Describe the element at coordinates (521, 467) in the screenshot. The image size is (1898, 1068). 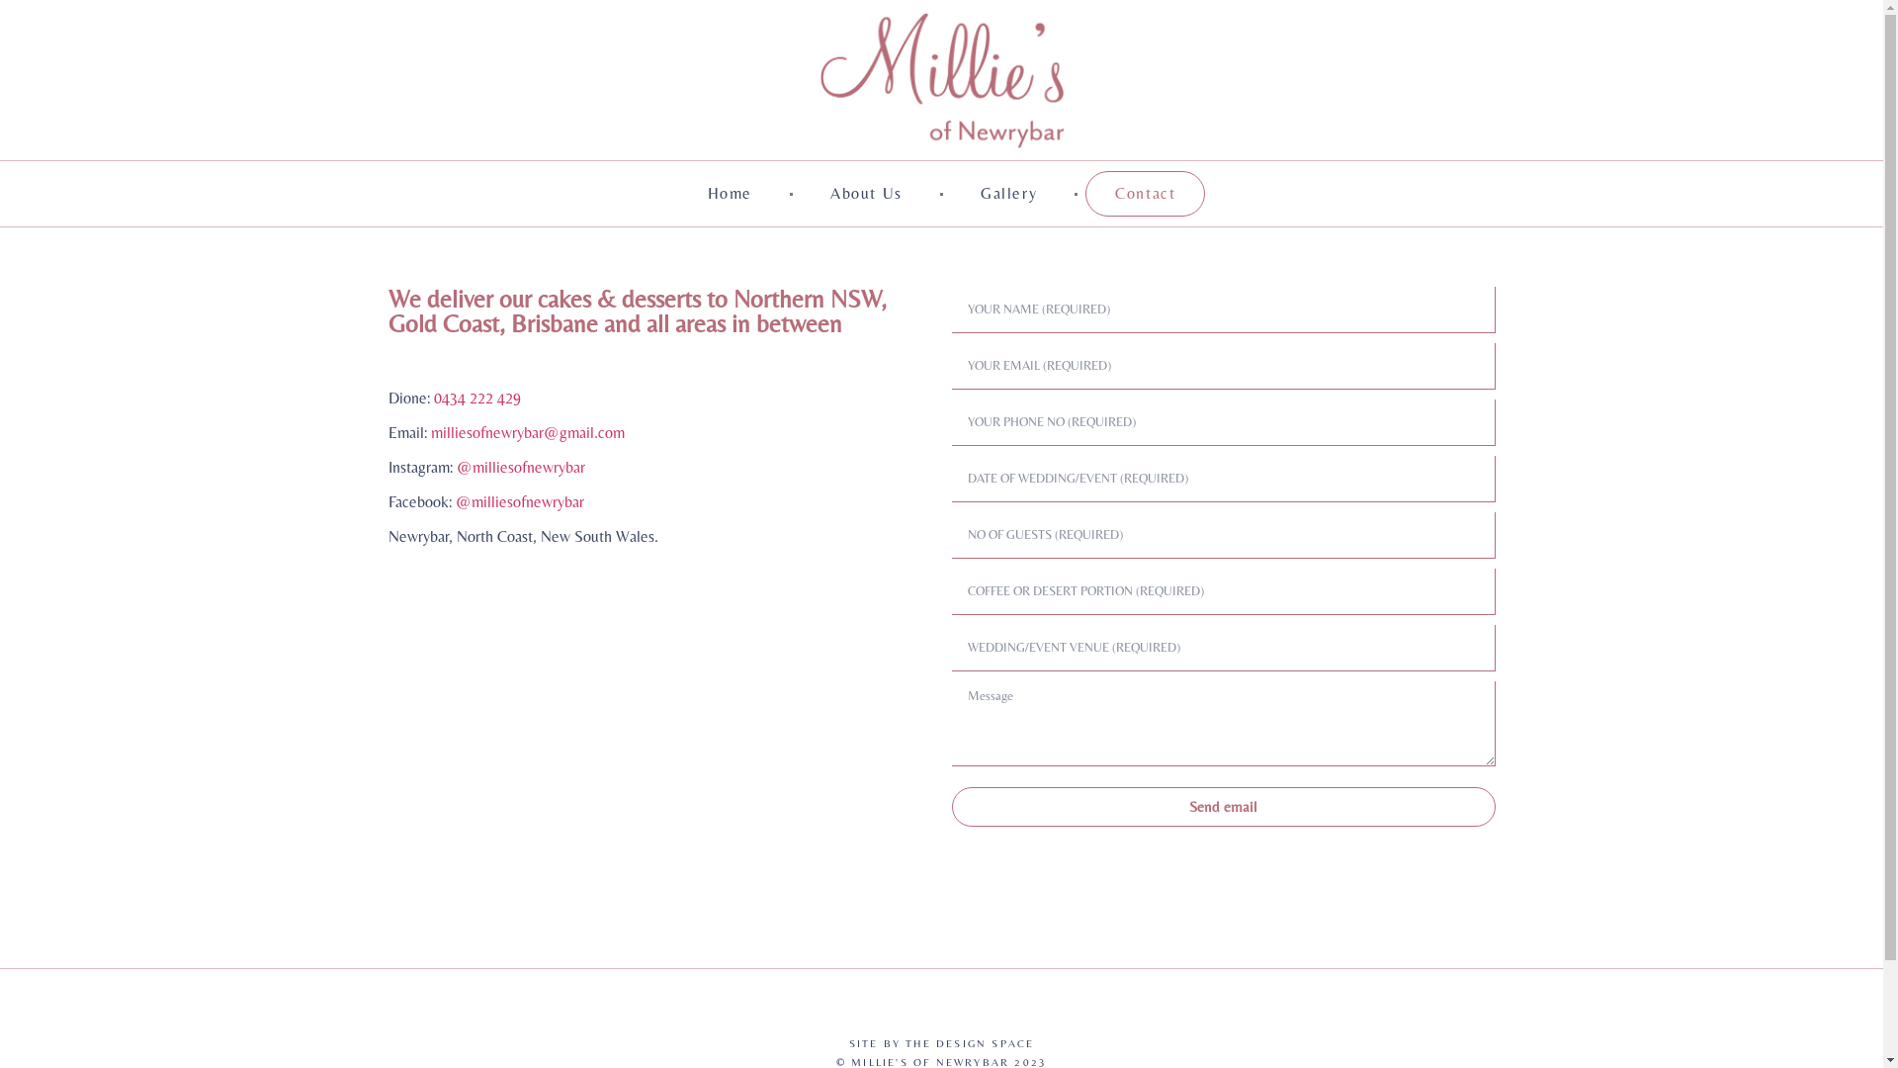
I see `'@milliesofnewrybar'` at that location.